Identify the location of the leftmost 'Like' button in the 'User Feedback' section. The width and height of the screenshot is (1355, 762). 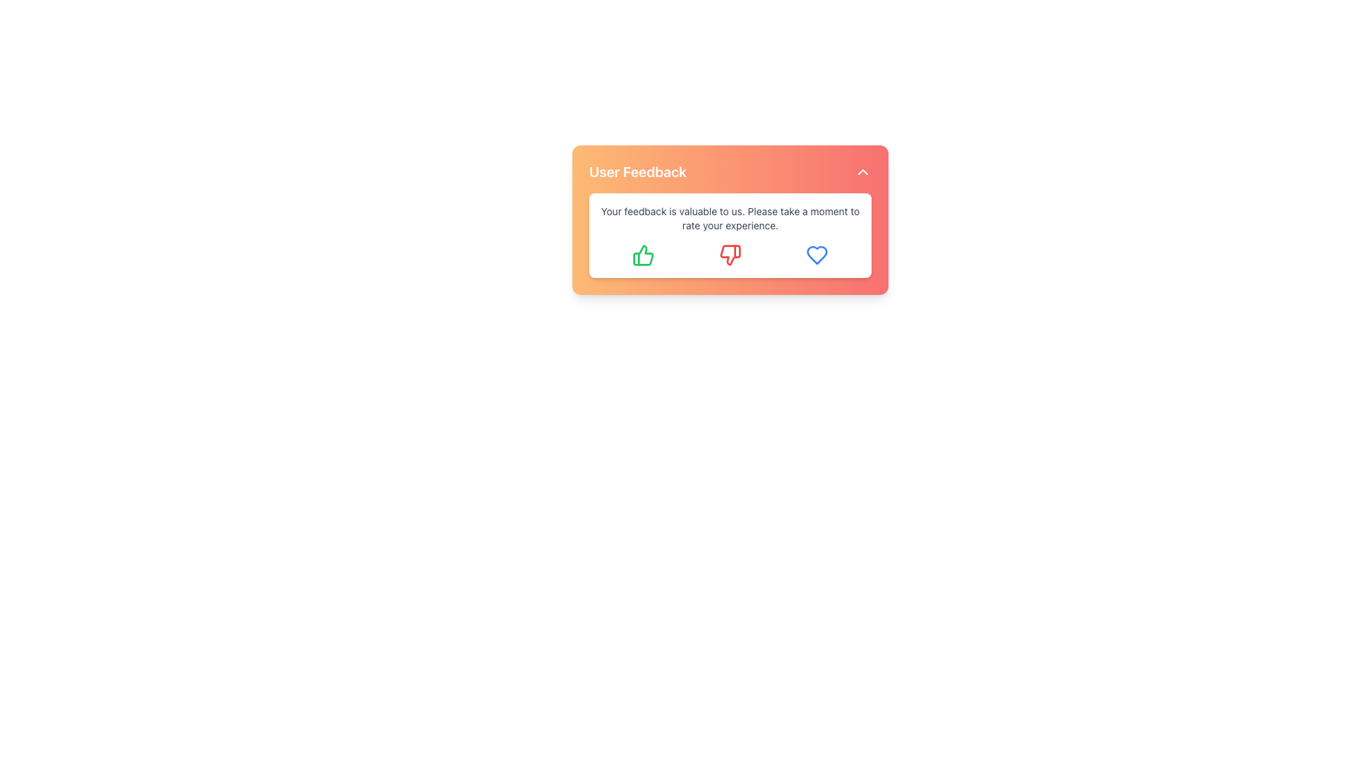
(643, 255).